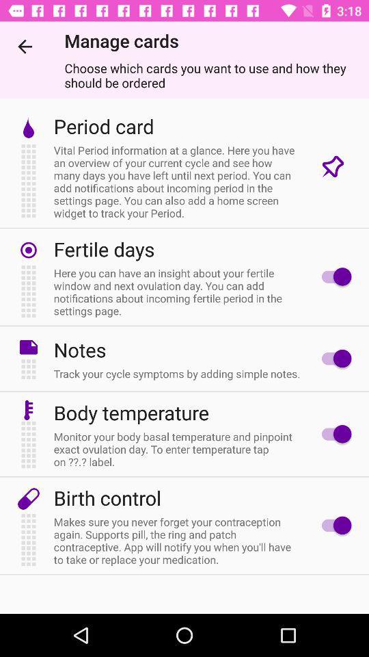  I want to click on switch on notes, so click(332, 358).